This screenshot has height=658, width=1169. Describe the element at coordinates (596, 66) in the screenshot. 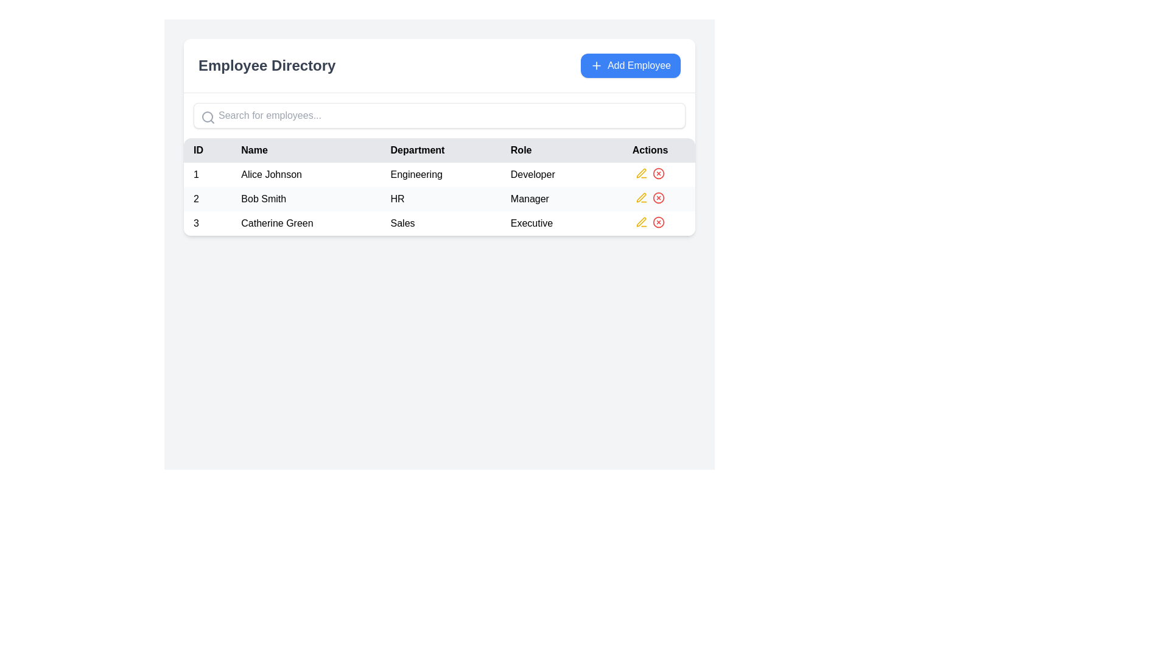

I see `the 'Add Employee' button, which contains the icon for adding employees, located to the left of the 'Add Employee' text` at that location.